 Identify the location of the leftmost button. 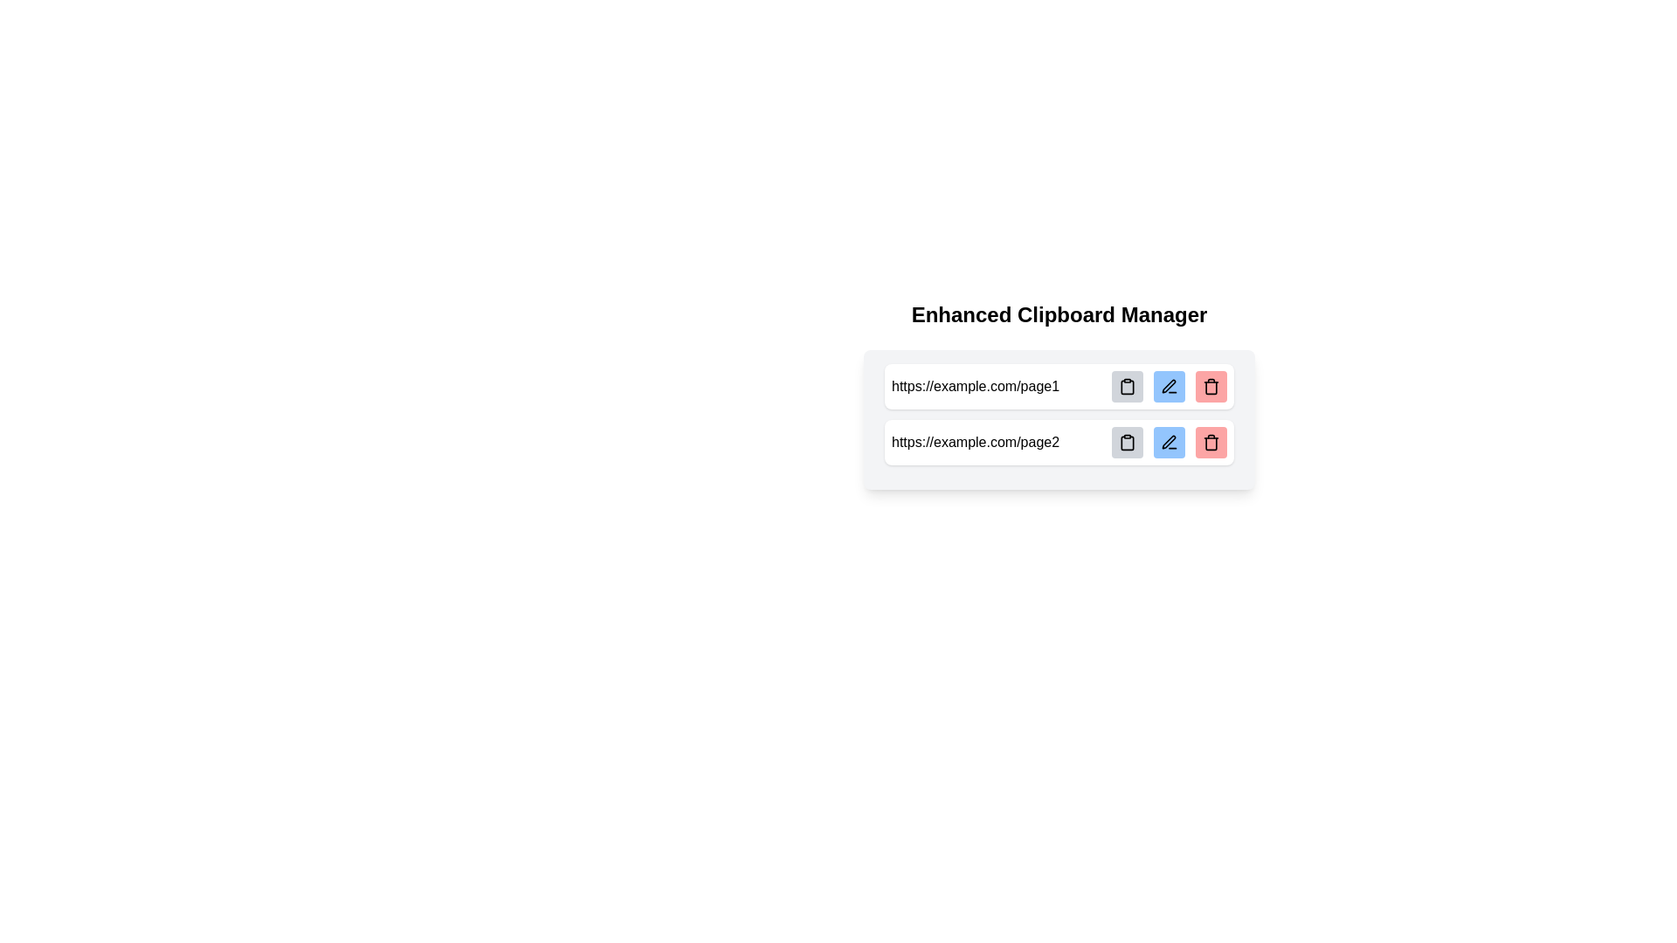
(1128, 441).